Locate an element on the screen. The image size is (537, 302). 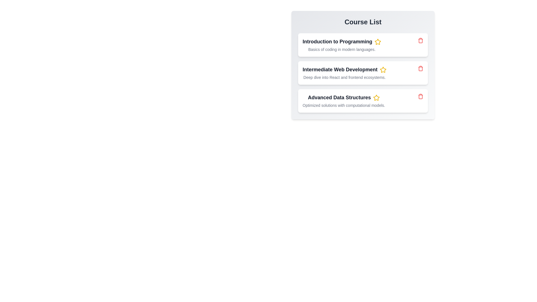
the star icon for the course Advanced Data Structures is located at coordinates (376, 98).